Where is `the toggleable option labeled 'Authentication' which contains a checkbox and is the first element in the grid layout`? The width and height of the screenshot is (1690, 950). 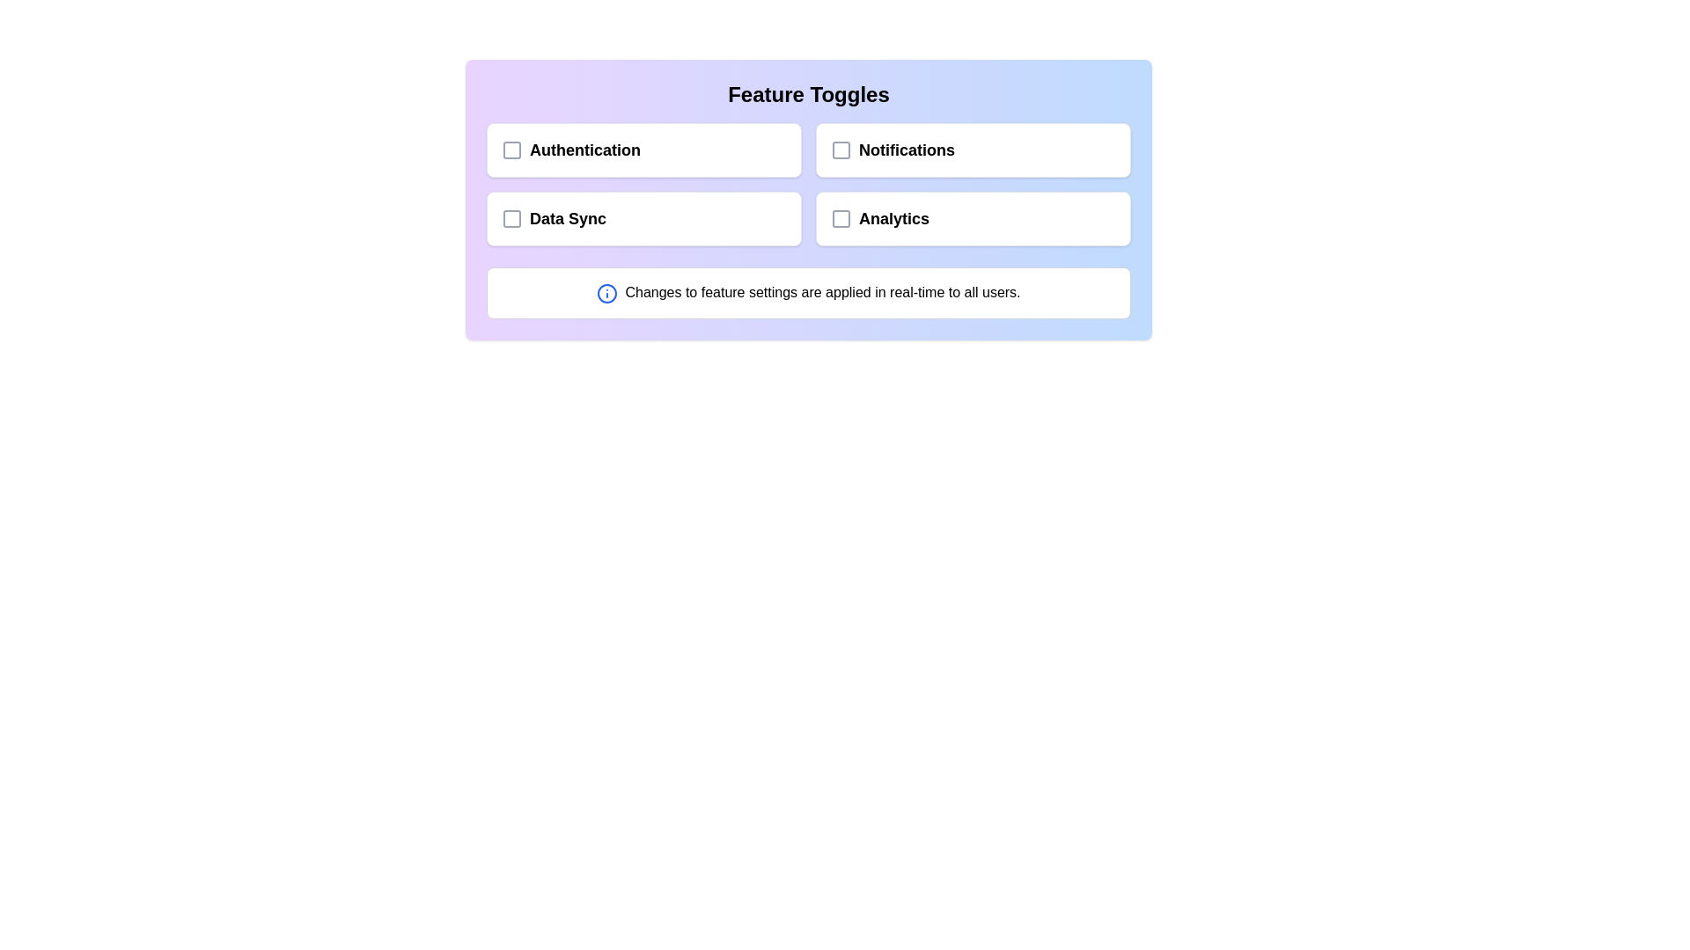
the toggleable option labeled 'Authentication' which contains a checkbox and is the first element in the grid layout is located at coordinates (643, 149).